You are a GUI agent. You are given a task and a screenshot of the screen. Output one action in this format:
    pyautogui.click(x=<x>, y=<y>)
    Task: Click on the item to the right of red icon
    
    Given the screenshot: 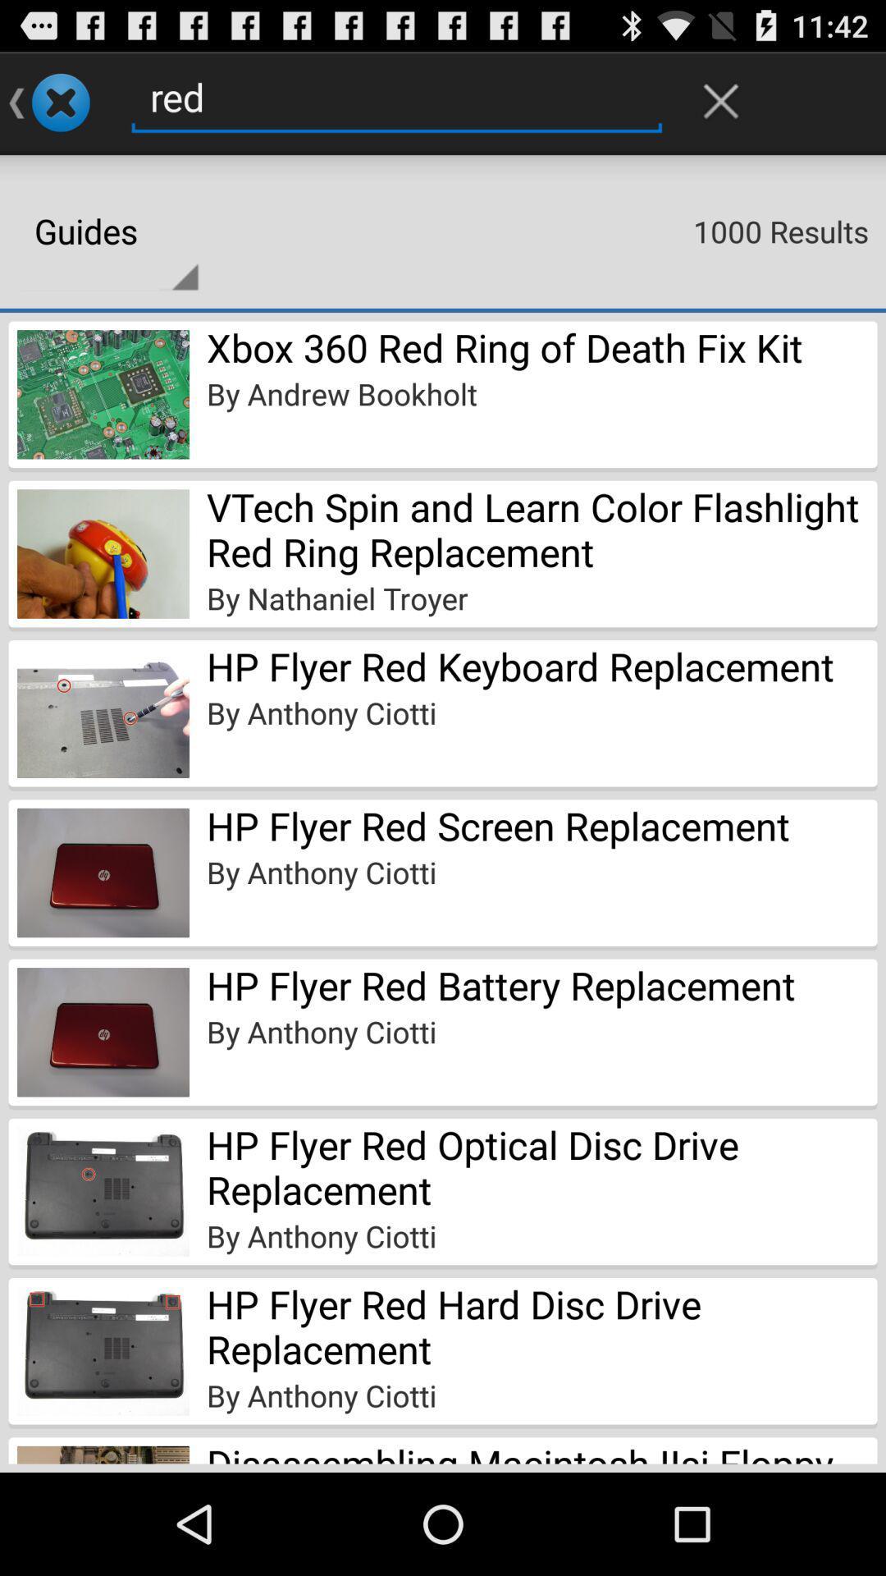 What is the action you would take?
    pyautogui.click(x=720, y=100)
    